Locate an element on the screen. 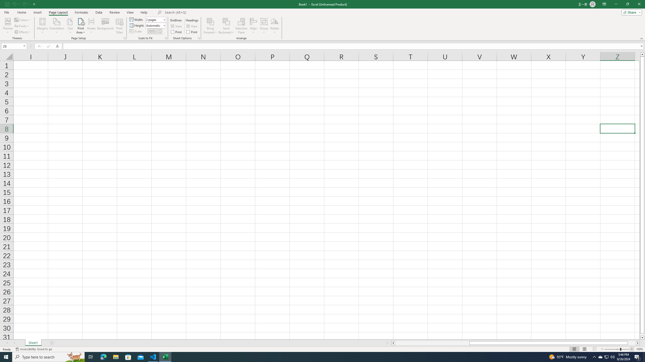 This screenshot has width=645, height=362. 'Formulas' is located at coordinates (82, 12).